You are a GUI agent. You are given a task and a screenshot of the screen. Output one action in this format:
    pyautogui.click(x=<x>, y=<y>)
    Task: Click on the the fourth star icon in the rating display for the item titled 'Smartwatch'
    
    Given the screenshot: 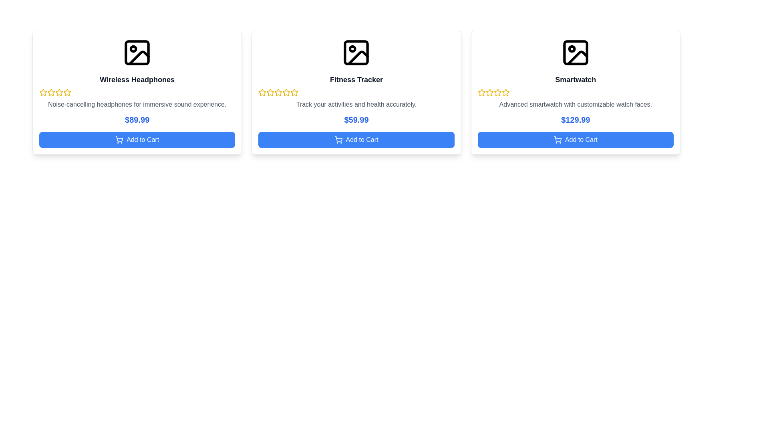 What is the action you would take?
    pyautogui.click(x=505, y=92)
    